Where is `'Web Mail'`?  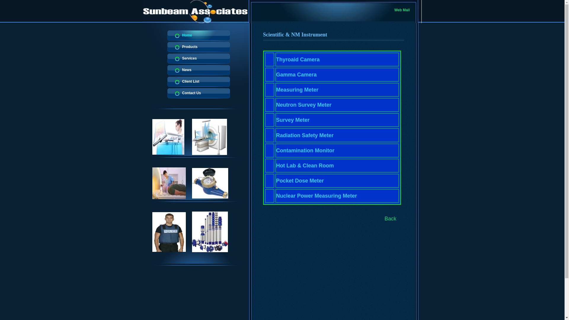
'Web Mail' is located at coordinates (394, 10).